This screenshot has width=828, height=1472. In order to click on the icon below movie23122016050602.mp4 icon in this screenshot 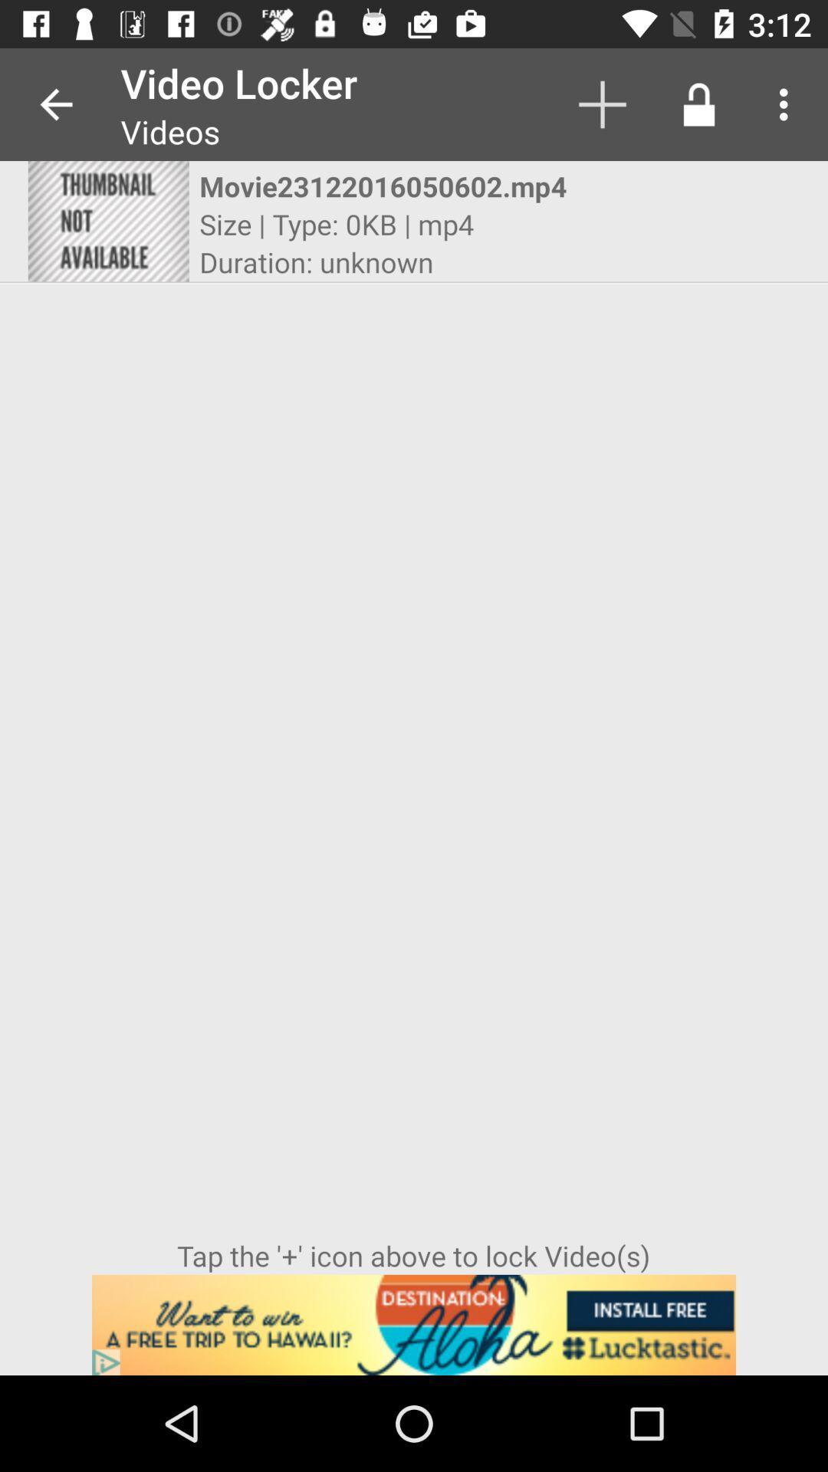, I will do `click(336, 223)`.